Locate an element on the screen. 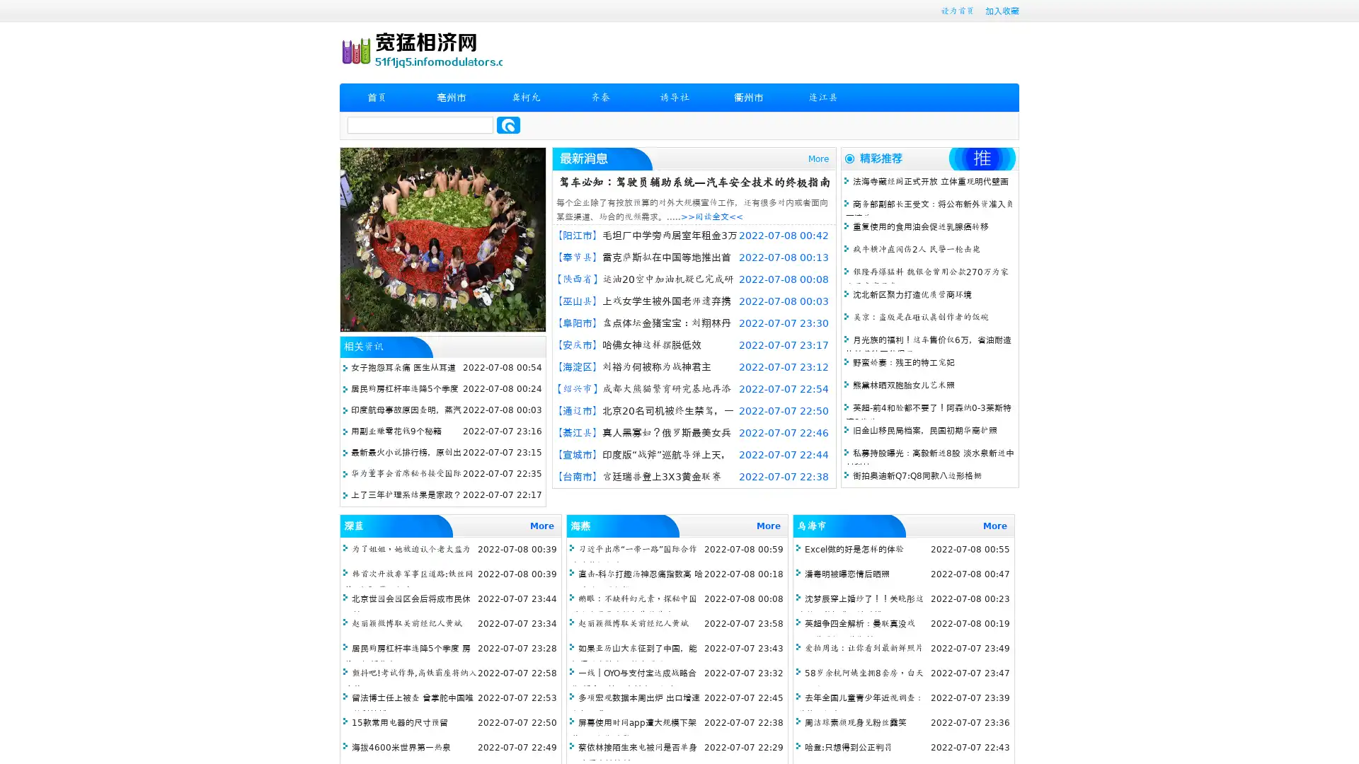  Search is located at coordinates (508, 125).